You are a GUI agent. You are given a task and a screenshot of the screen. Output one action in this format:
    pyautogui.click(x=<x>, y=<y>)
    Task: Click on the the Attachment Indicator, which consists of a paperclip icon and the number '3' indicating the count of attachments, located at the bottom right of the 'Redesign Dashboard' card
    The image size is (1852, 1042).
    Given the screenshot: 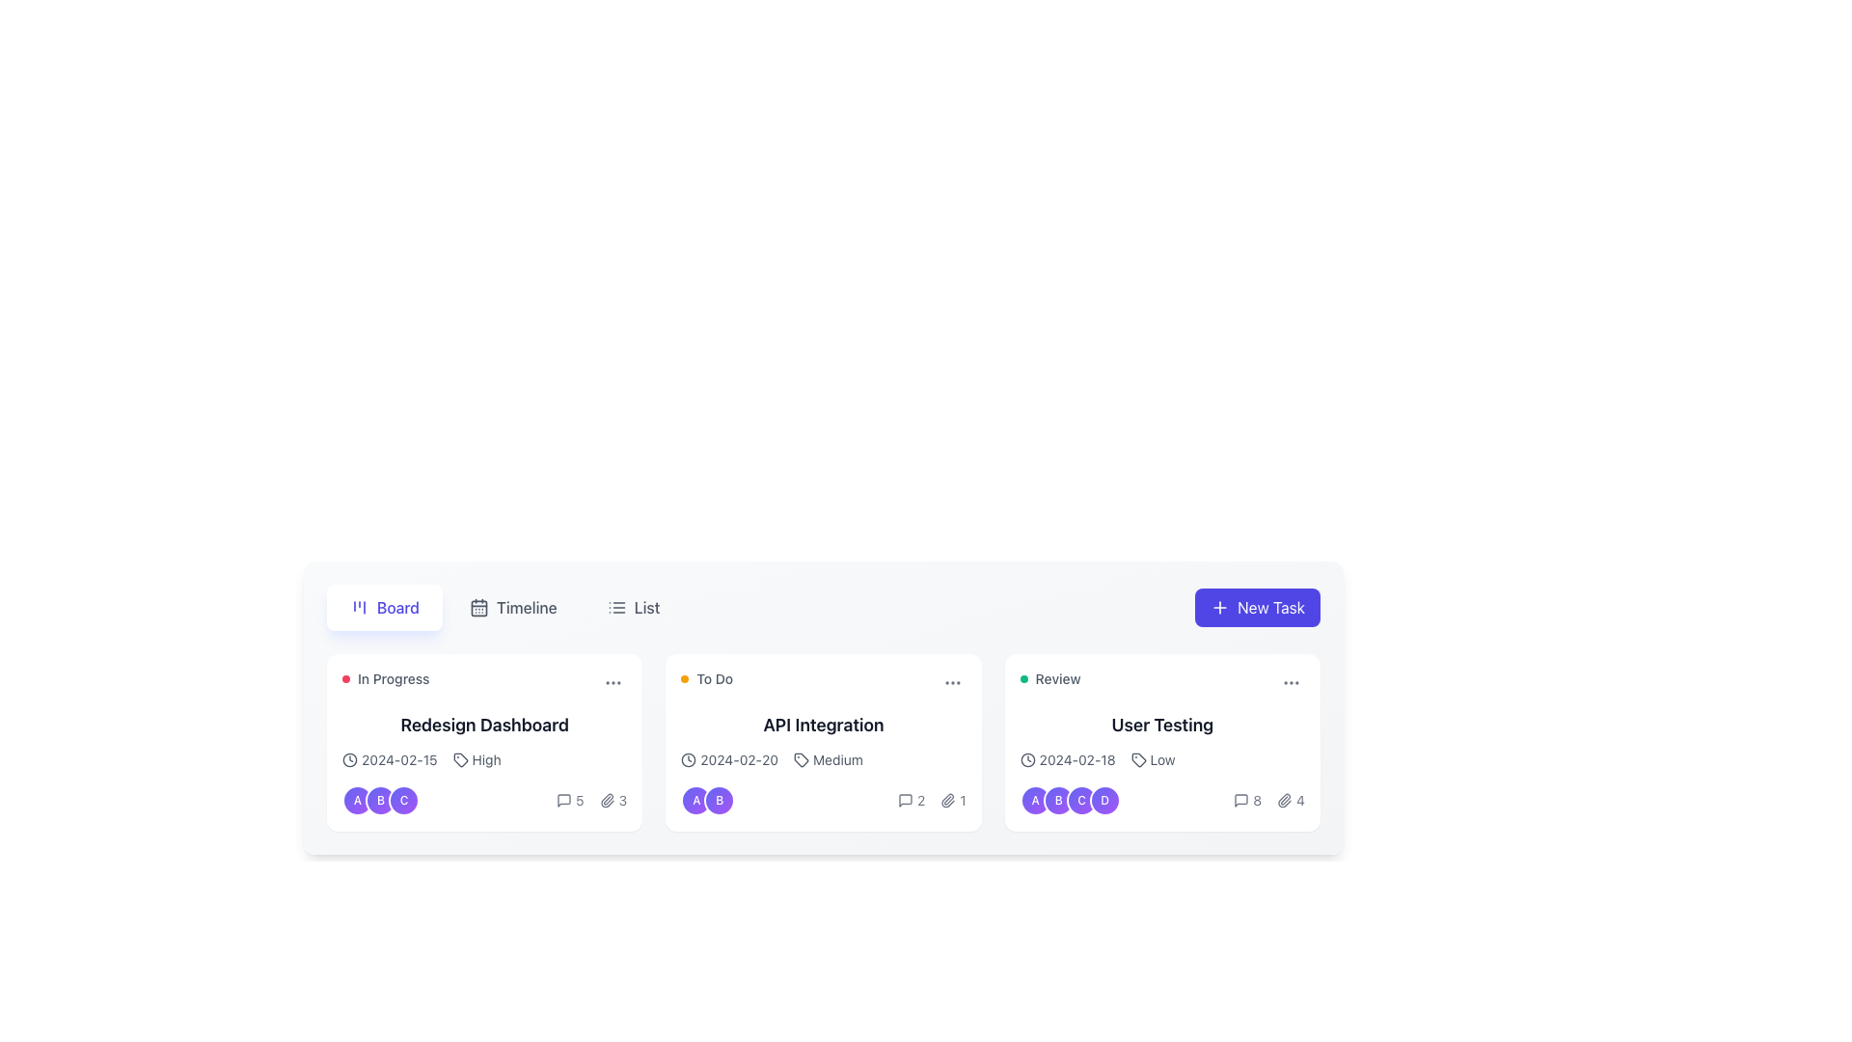 What is the action you would take?
    pyautogui.click(x=613, y=800)
    